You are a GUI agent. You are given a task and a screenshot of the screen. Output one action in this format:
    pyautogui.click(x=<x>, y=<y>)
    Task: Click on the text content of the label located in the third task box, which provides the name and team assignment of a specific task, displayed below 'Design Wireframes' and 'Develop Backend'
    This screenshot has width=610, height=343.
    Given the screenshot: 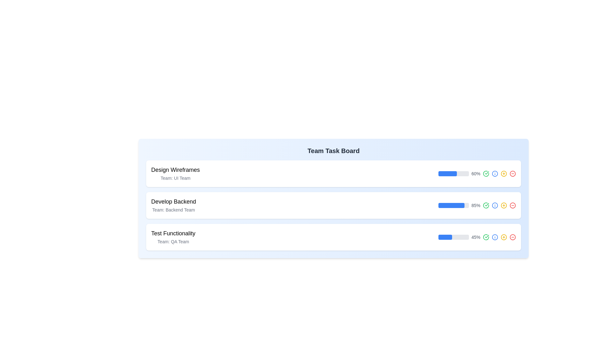 What is the action you would take?
    pyautogui.click(x=173, y=237)
    